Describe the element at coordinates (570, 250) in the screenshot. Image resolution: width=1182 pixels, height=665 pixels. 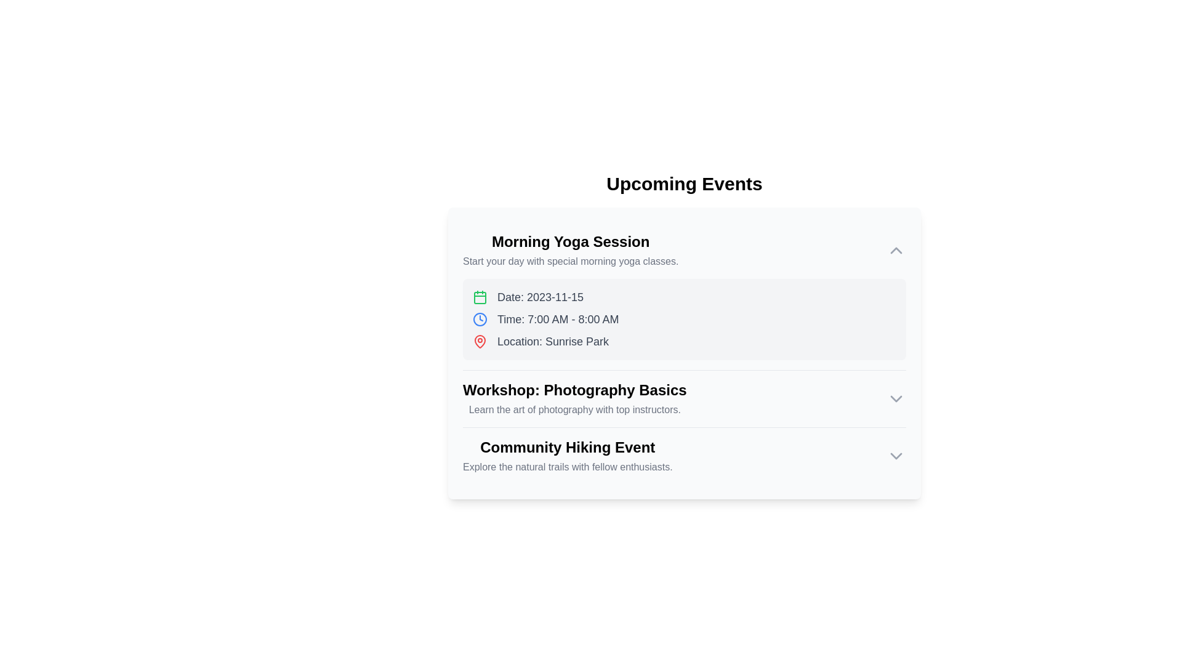
I see `the 'Morning Yoga Session' text display located in the 'Upcoming Events' section at the top-left area of the list` at that location.